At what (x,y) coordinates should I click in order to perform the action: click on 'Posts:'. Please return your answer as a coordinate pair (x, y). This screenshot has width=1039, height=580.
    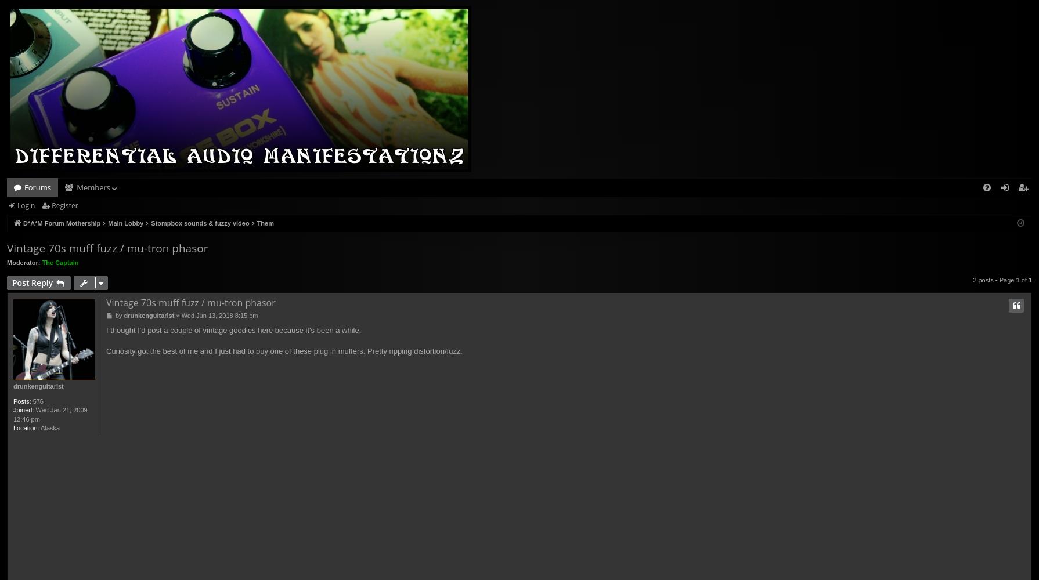
    Looking at the image, I should click on (21, 400).